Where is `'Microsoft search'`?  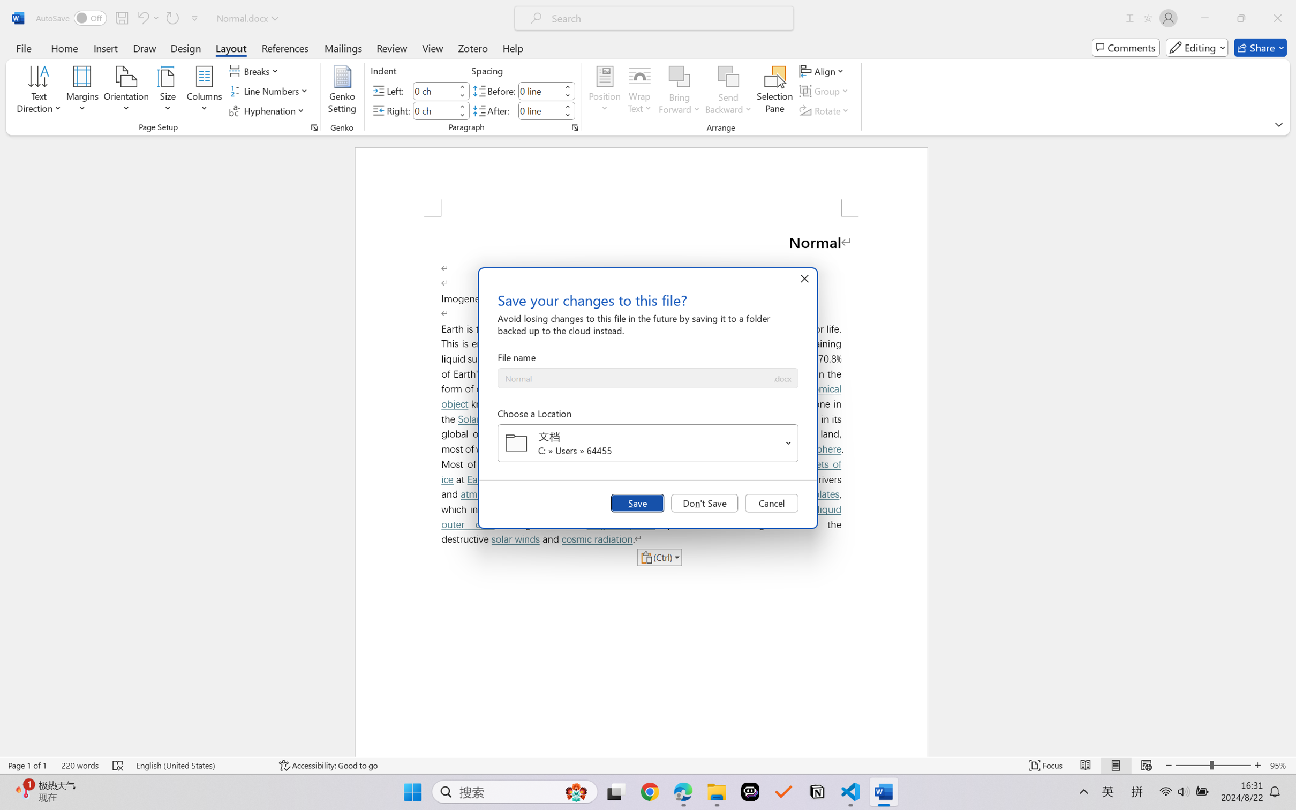
'Microsoft search' is located at coordinates (667, 18).